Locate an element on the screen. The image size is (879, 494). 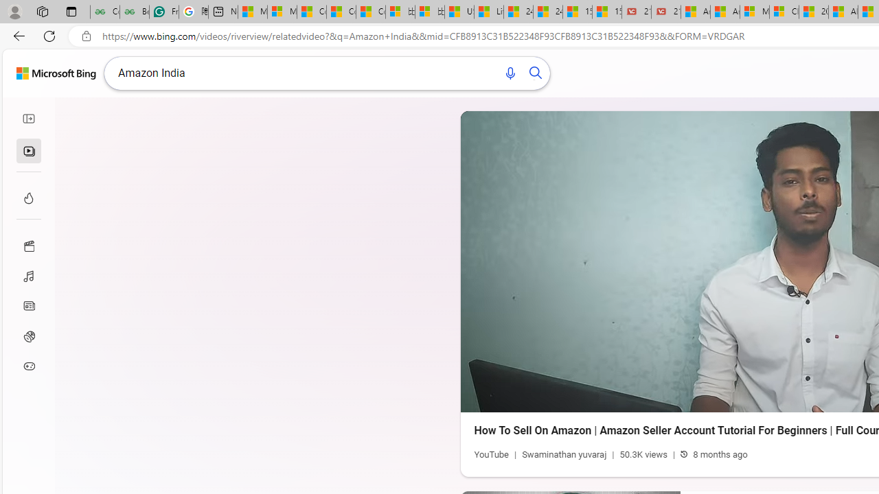
'Complete Guide to Arrays Data Structure - GeeksforGeeks' is located at coordinates (104, 12).